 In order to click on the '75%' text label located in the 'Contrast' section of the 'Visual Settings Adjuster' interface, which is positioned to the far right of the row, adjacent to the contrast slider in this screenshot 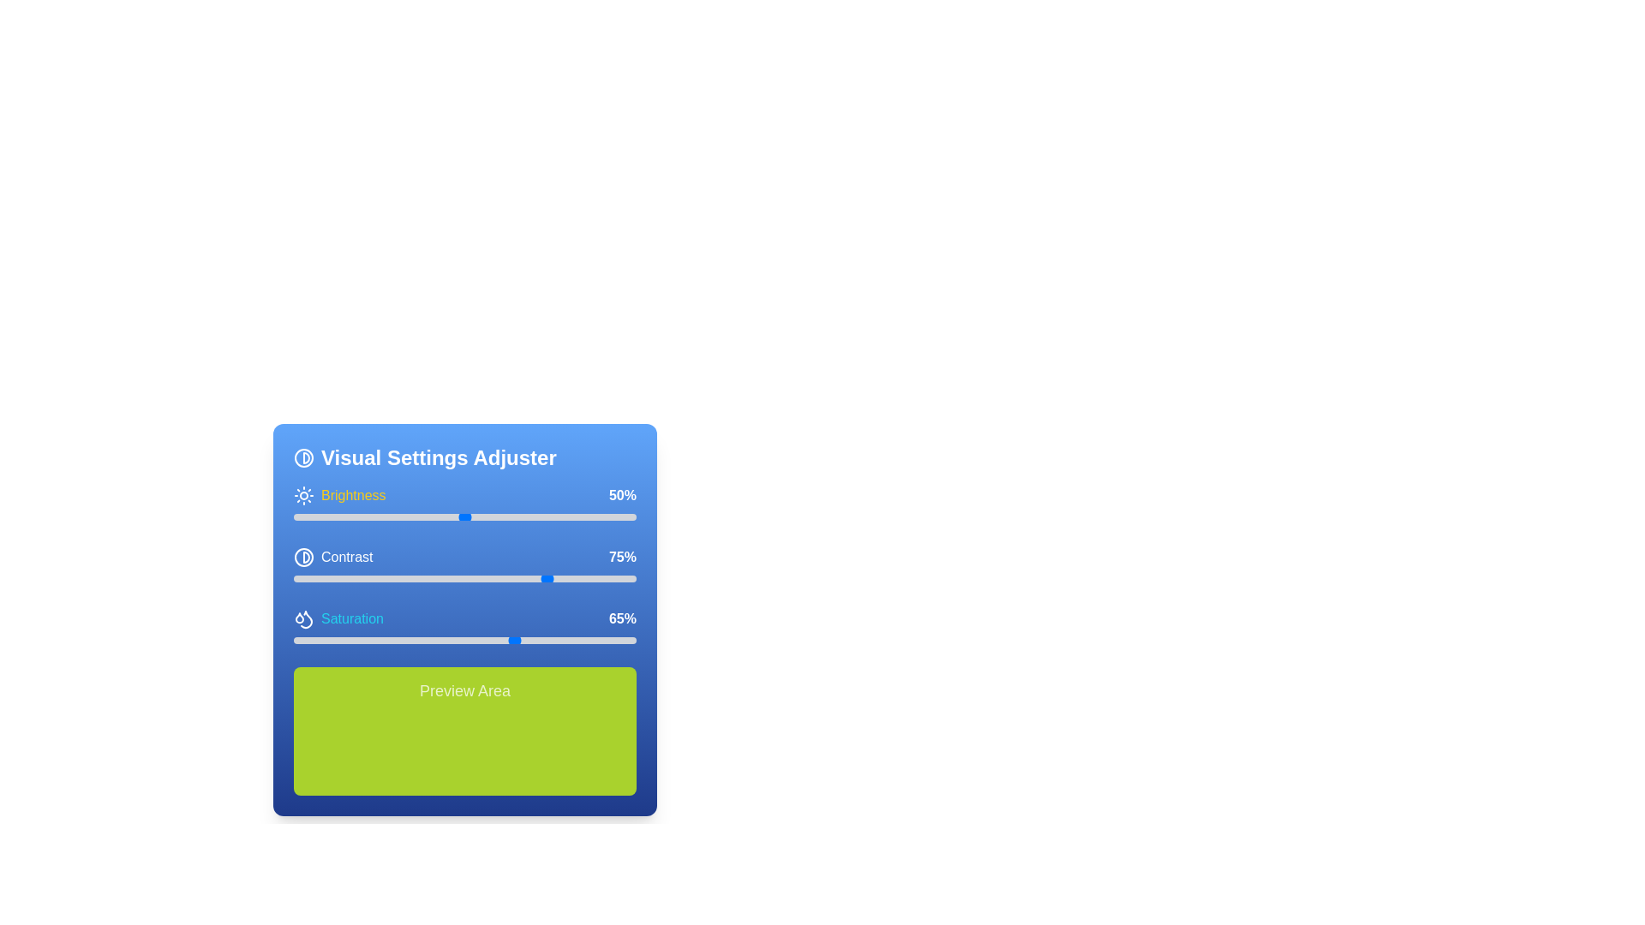, I will do `click(619, 558)`.